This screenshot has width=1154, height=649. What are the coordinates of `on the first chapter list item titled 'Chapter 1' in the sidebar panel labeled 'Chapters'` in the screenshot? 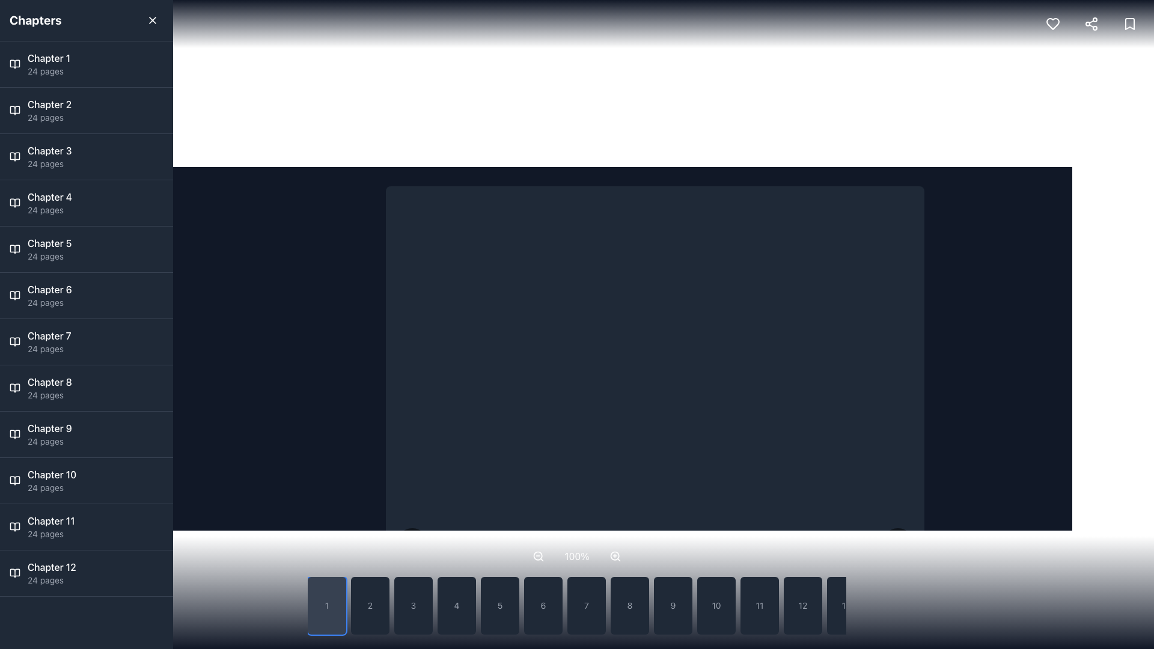 It's located at (48, 64).